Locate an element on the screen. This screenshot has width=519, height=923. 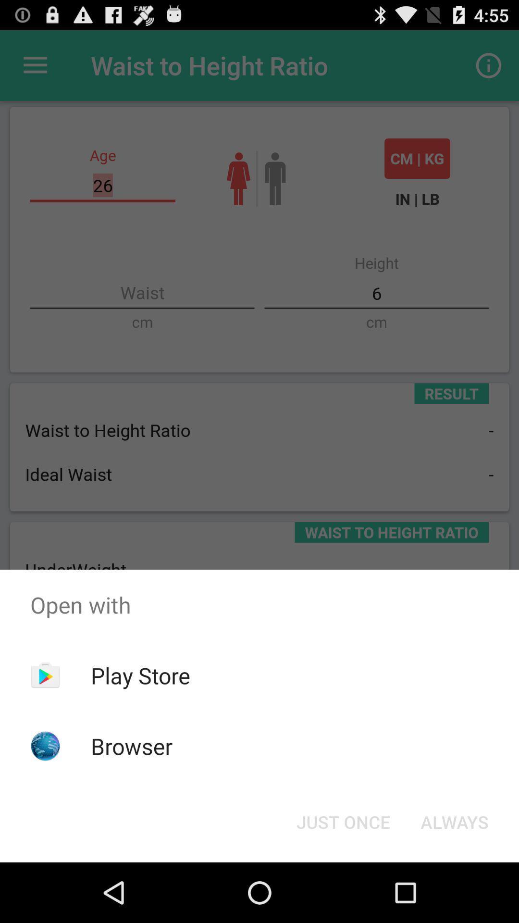
icon to the right of just once item is located at coordinates (454, 821).